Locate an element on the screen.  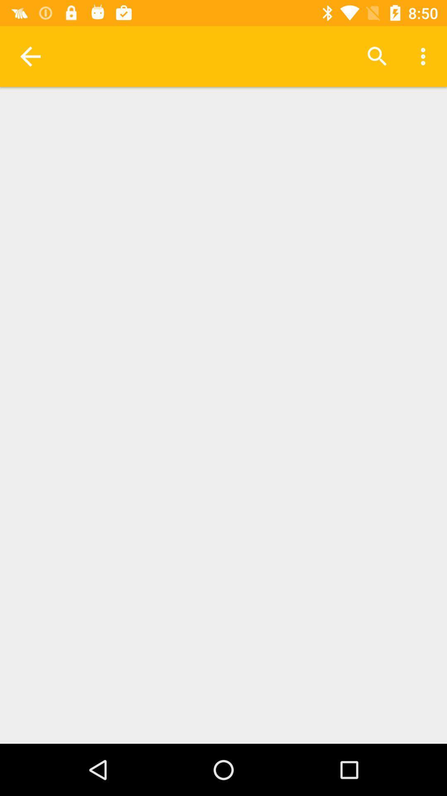
the icon at the top left corner is located at coordinates (30, 56).